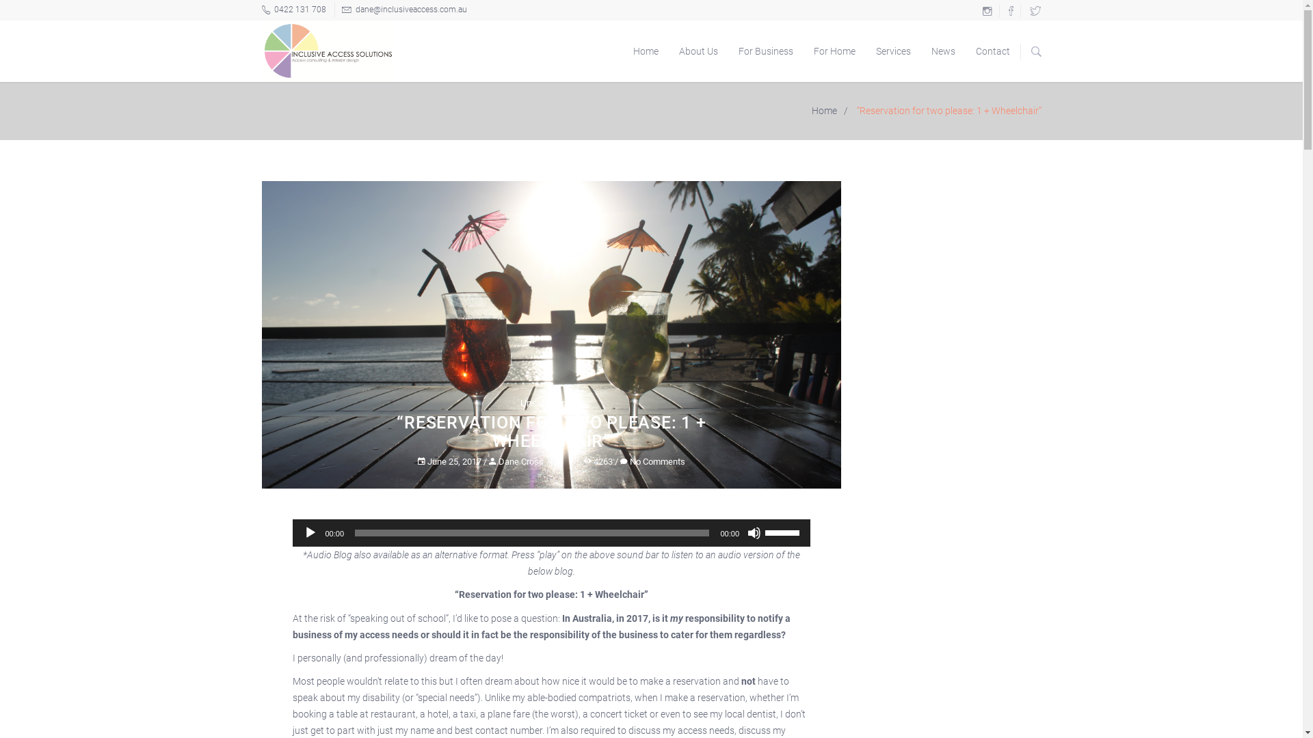 This screenshot has width=1313, height=738. I want to click on 'Home', so click(804, 110).